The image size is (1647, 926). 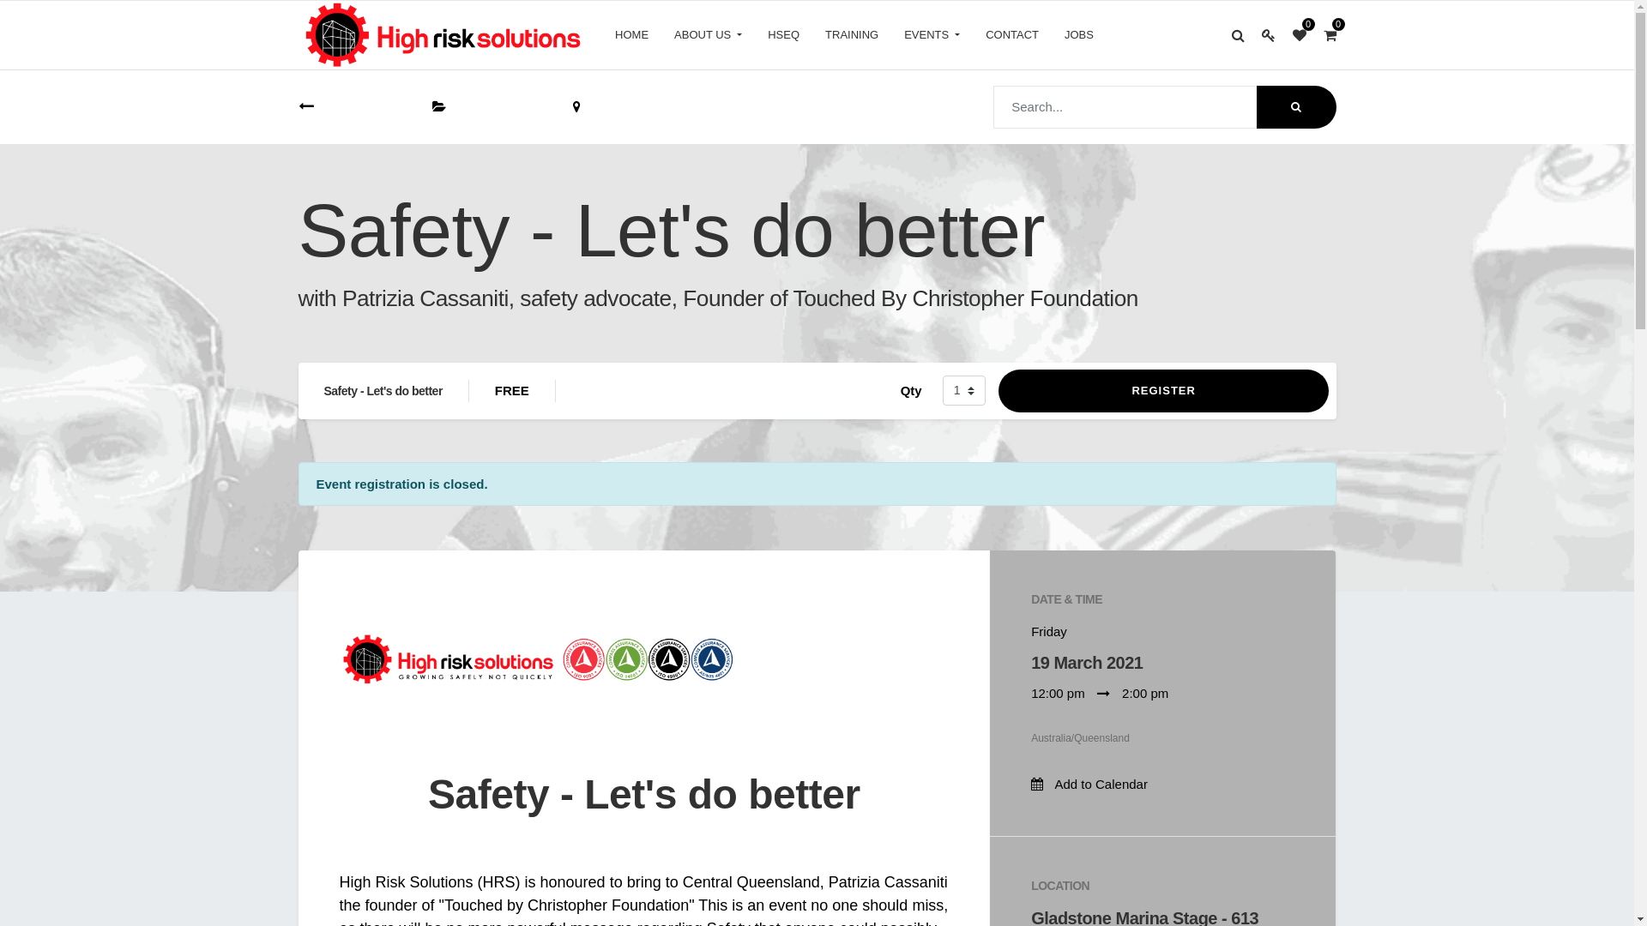 I want to click on 'HSEQ', so click(x=782, y=35).